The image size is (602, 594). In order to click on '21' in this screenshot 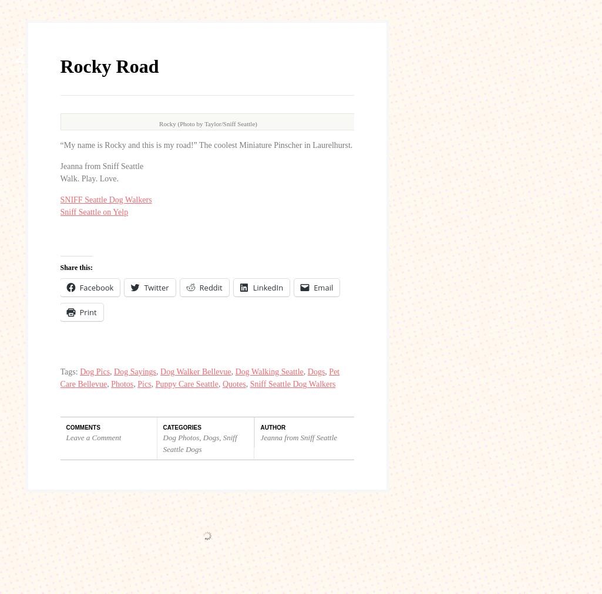, I will do `click(15, 343)`.